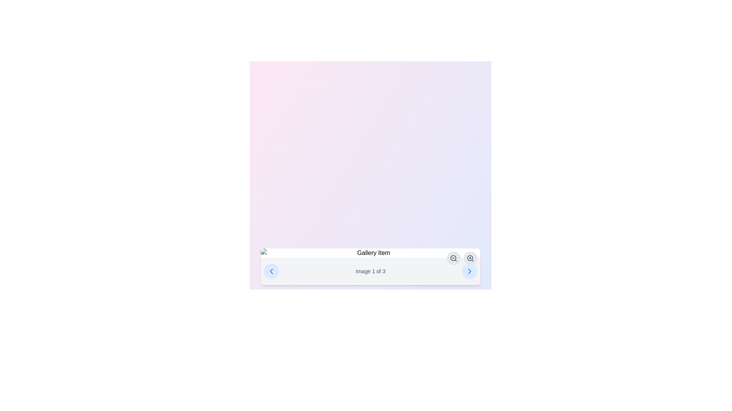  What do you see at coordinates (469, 271) in the screenshot?
I see `the navigation button for moving to the next image in the gallery, located to the right of the 'Image 1 of 3' text` at bounding box center [469, 271].